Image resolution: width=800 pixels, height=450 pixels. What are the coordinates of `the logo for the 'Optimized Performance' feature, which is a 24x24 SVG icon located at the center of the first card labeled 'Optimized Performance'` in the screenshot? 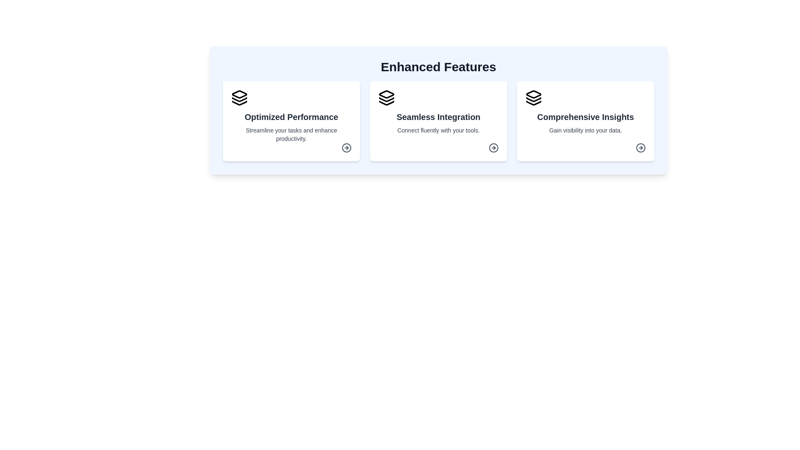 It's located at (239, 94).